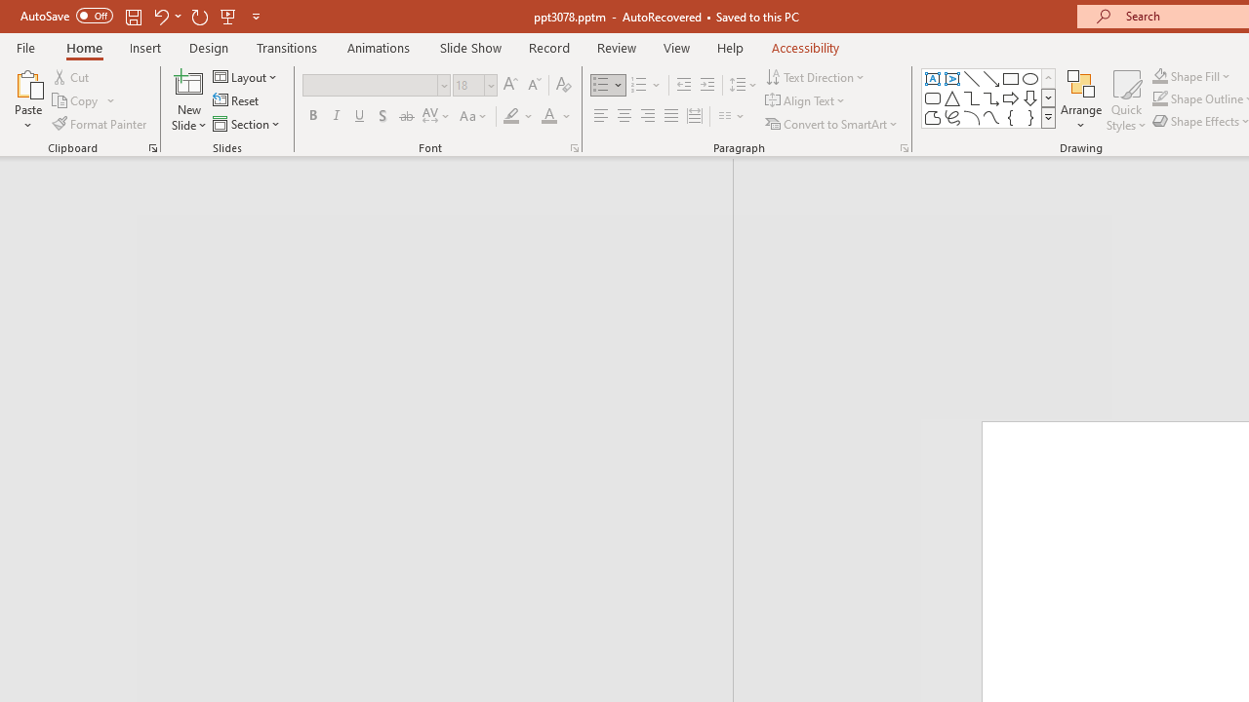 Image resolution: width=1249 pixels, height=702 pixels. What do you see at coordinates (518, 116) in the screenshot?
I see `'Text Highlight Color'` at bounding box center [518, 116].